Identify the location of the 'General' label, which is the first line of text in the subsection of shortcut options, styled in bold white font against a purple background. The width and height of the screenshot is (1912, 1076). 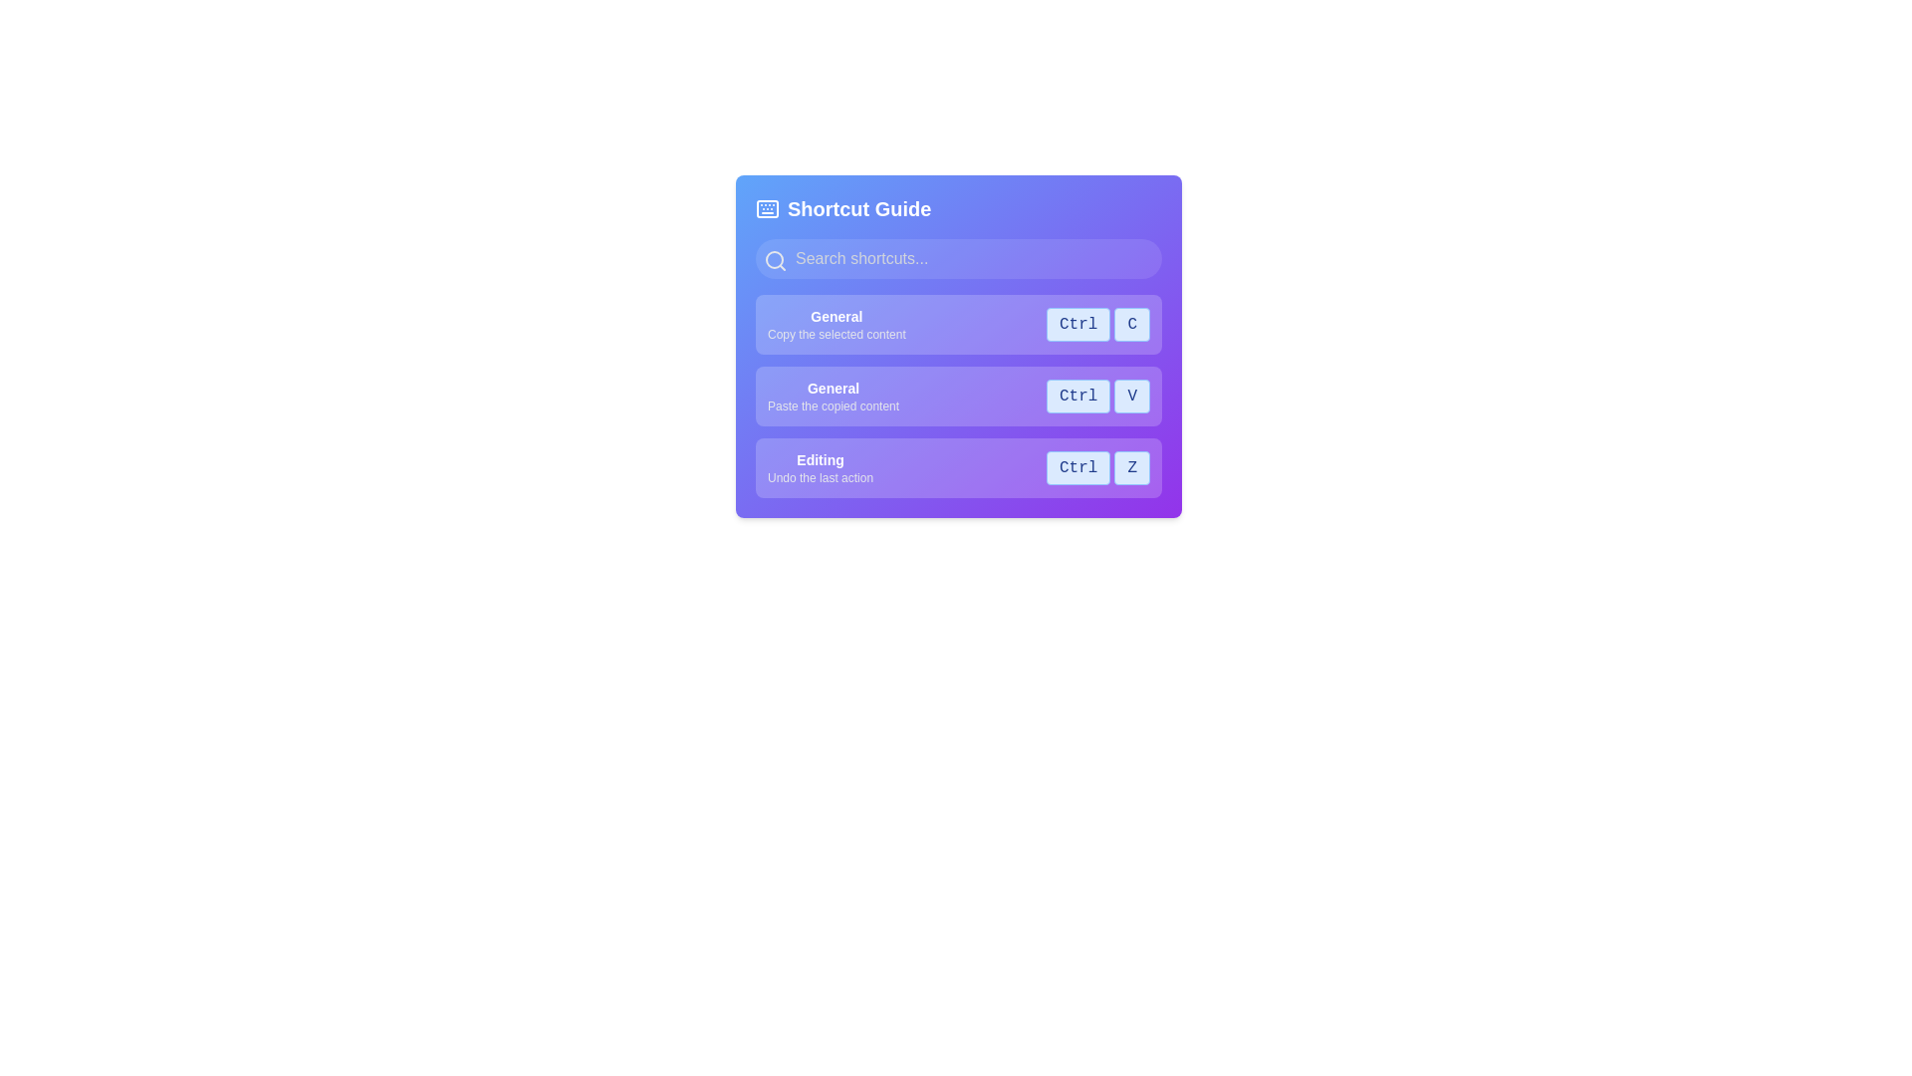
(834, 388).